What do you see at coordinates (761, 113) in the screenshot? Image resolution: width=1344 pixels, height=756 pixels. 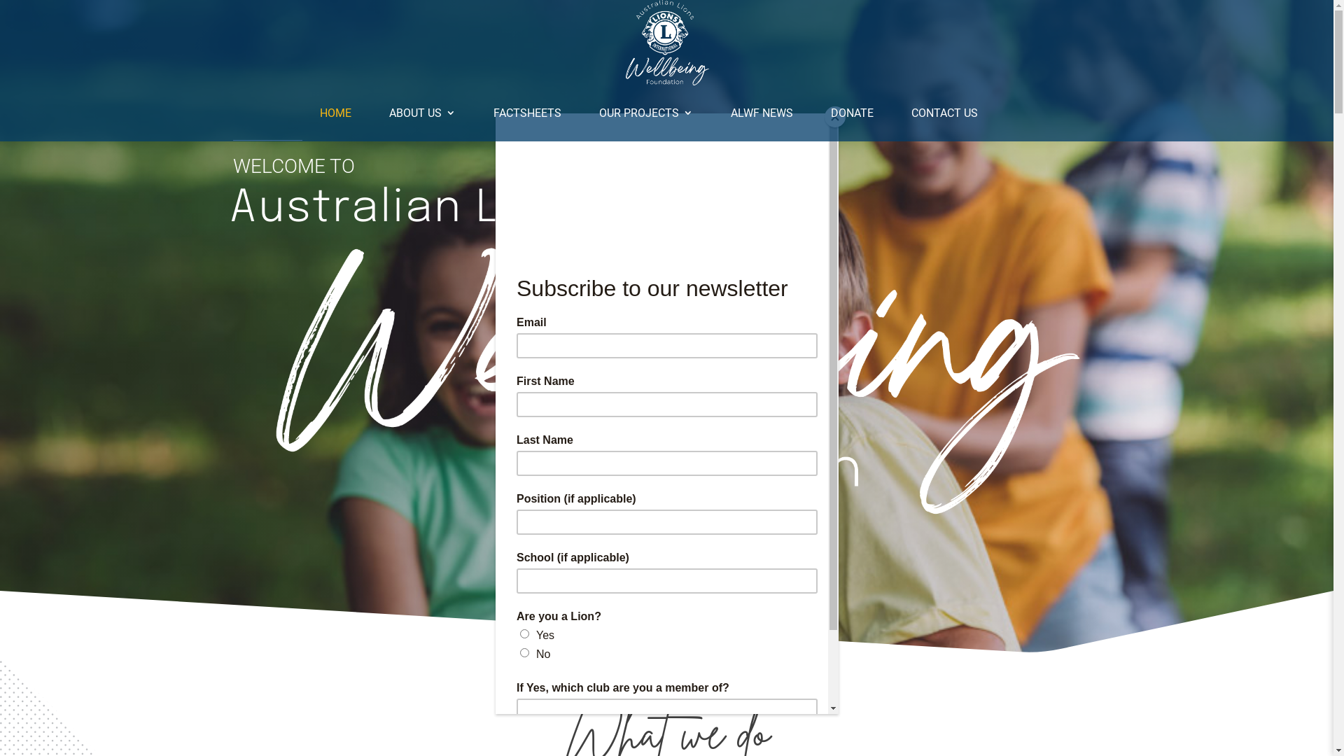 I see `'ALWF NEWS'` at bounding box center [761, 113].